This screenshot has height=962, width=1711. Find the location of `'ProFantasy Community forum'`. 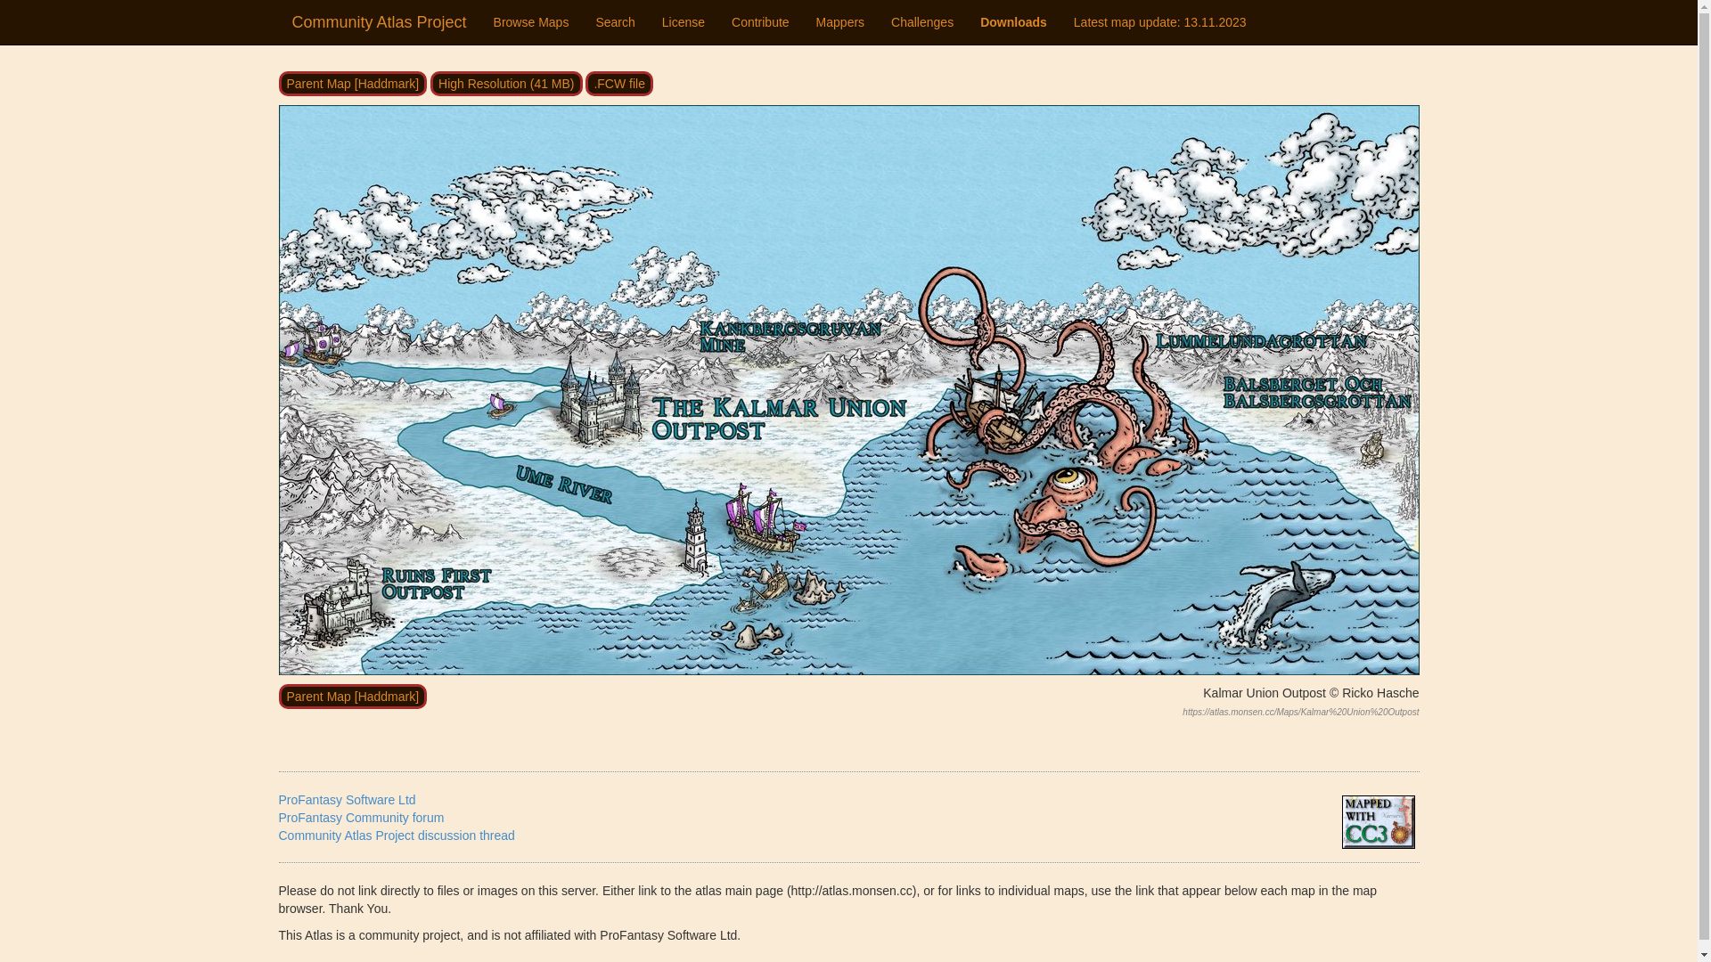

'ProFantasy Community forum' is located at coordinates (359, 818).